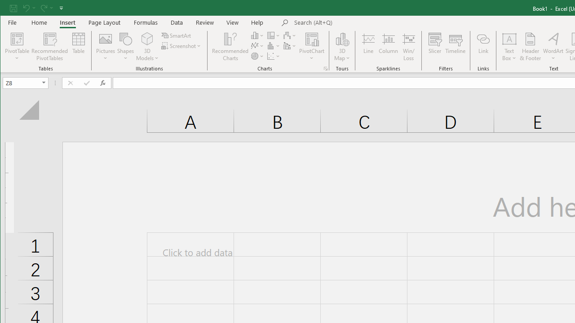  I want to click on 'Win/Loss', so click(408, 47).